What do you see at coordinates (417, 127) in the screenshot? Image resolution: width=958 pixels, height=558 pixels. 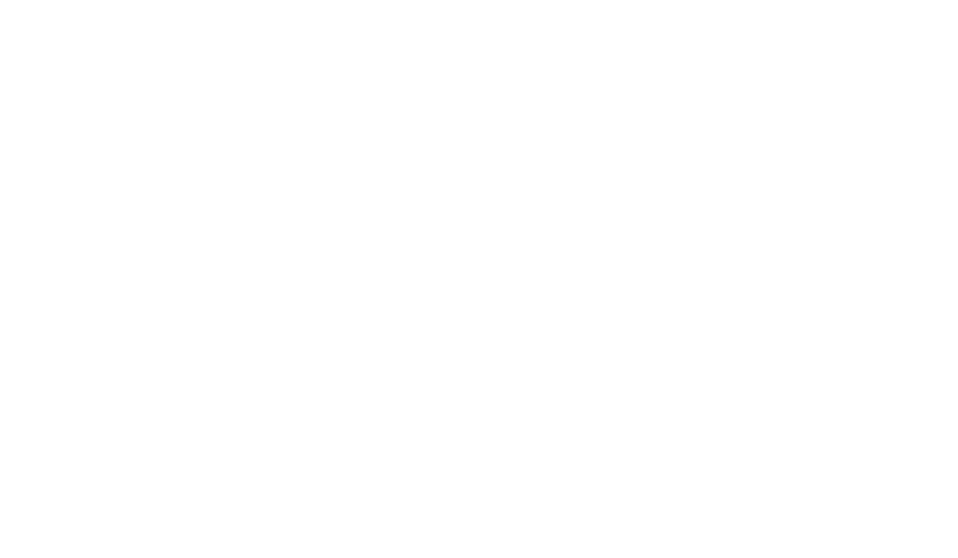 I see `'Stock'` at bounding box center [417, 127].